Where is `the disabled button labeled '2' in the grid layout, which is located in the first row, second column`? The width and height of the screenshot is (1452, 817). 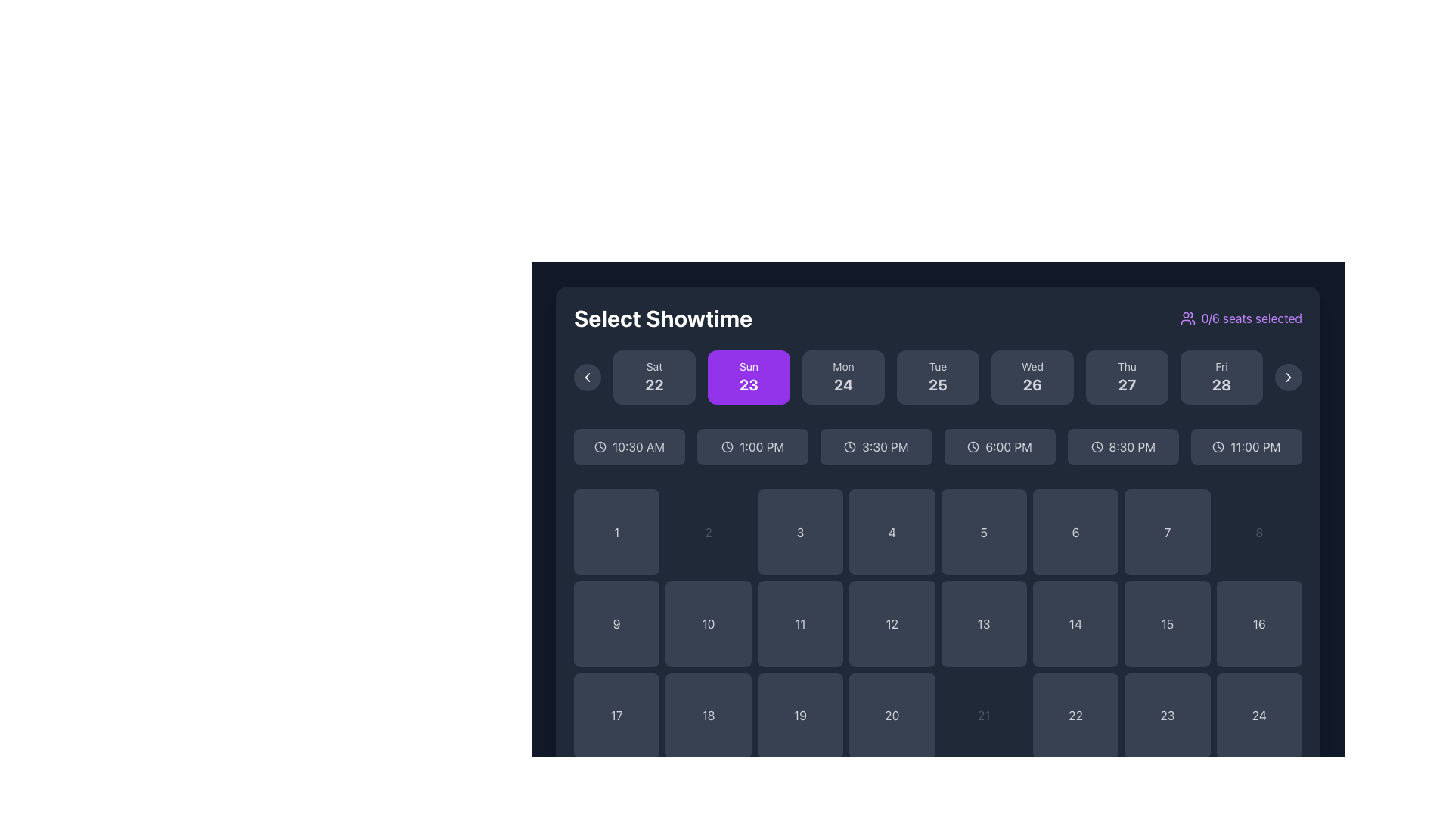
the disabled button labeled '2' in the grid layout, which is located in the first row, second column is located at coordinates (708, 531).